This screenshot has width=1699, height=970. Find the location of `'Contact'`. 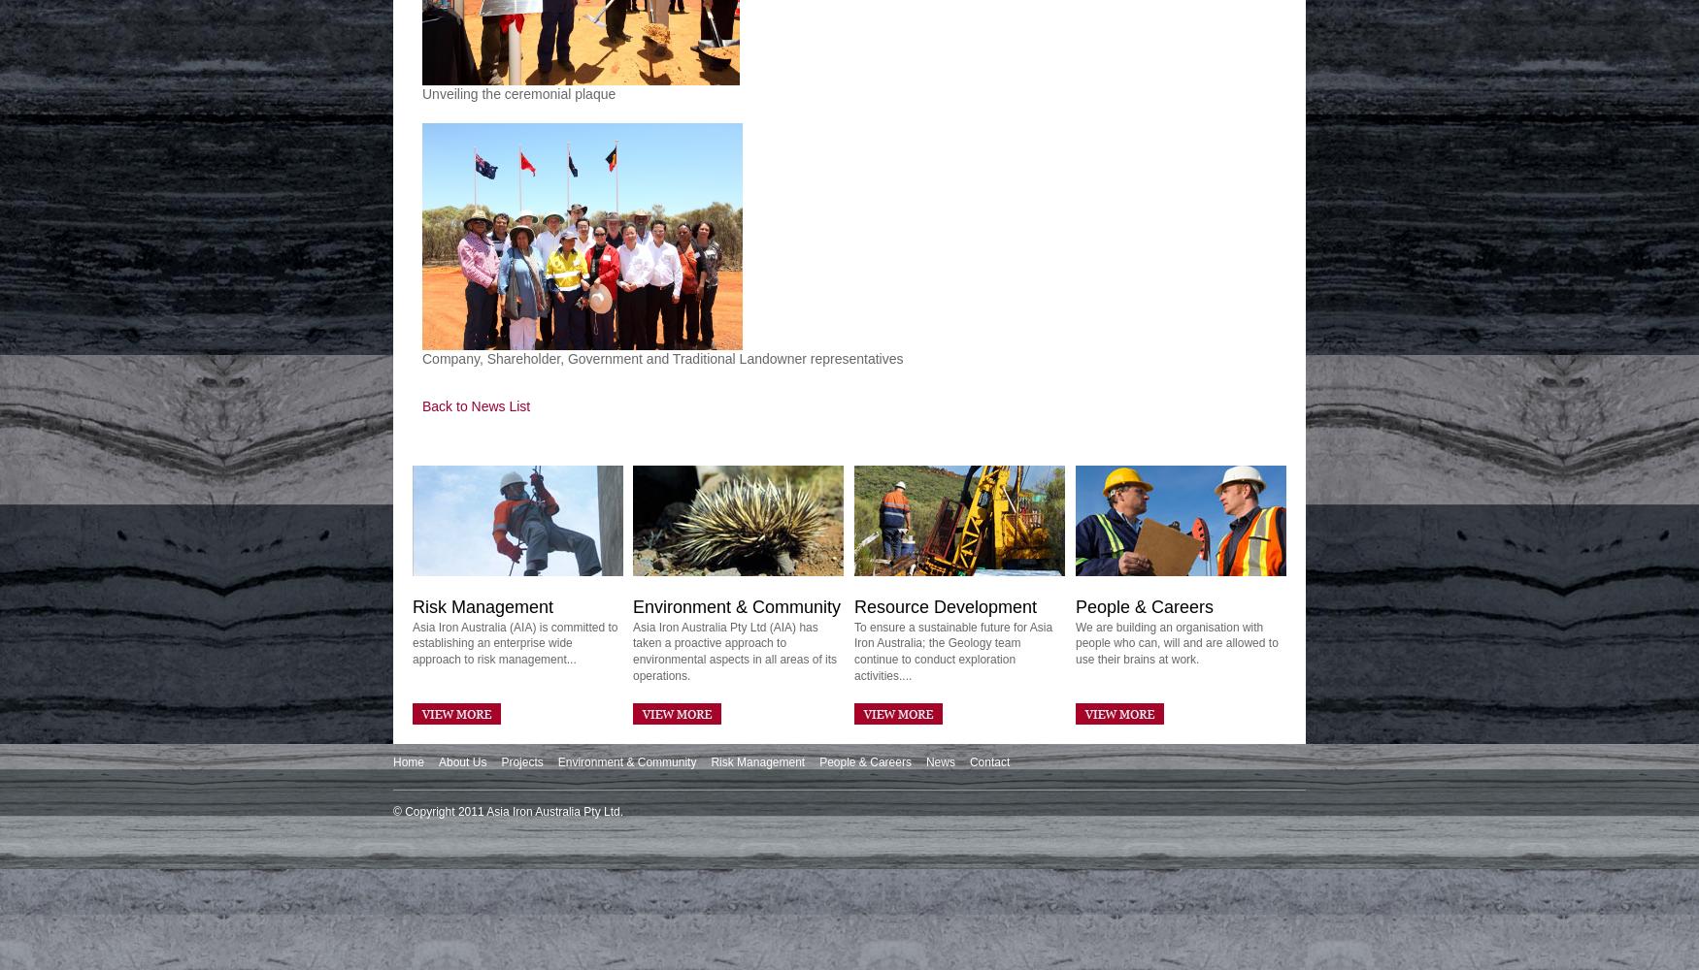

'Contact' is located at coordinates (969, 762).